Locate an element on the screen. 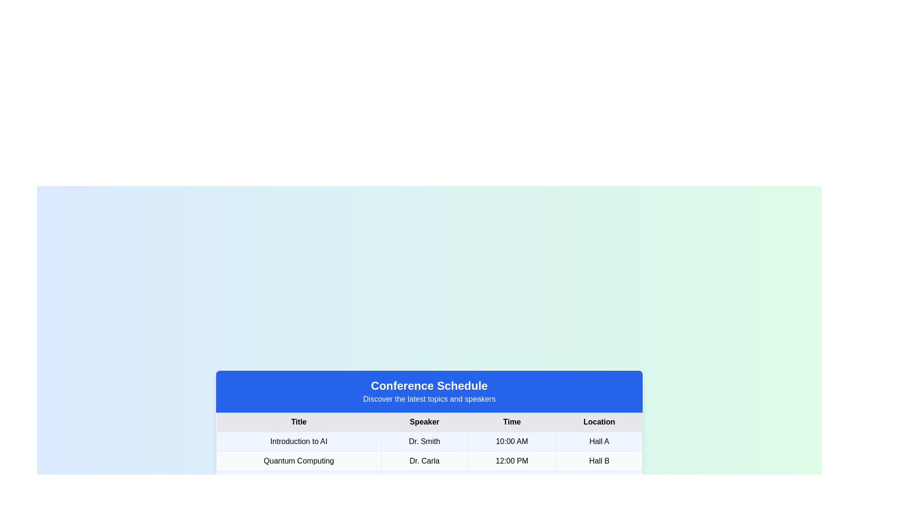 This screenshot has height=514, width=914. the static text label indicating the location of the 'Quantum Computing' session in the fourth column of the second row of the table is located at coordinates (598, 460).